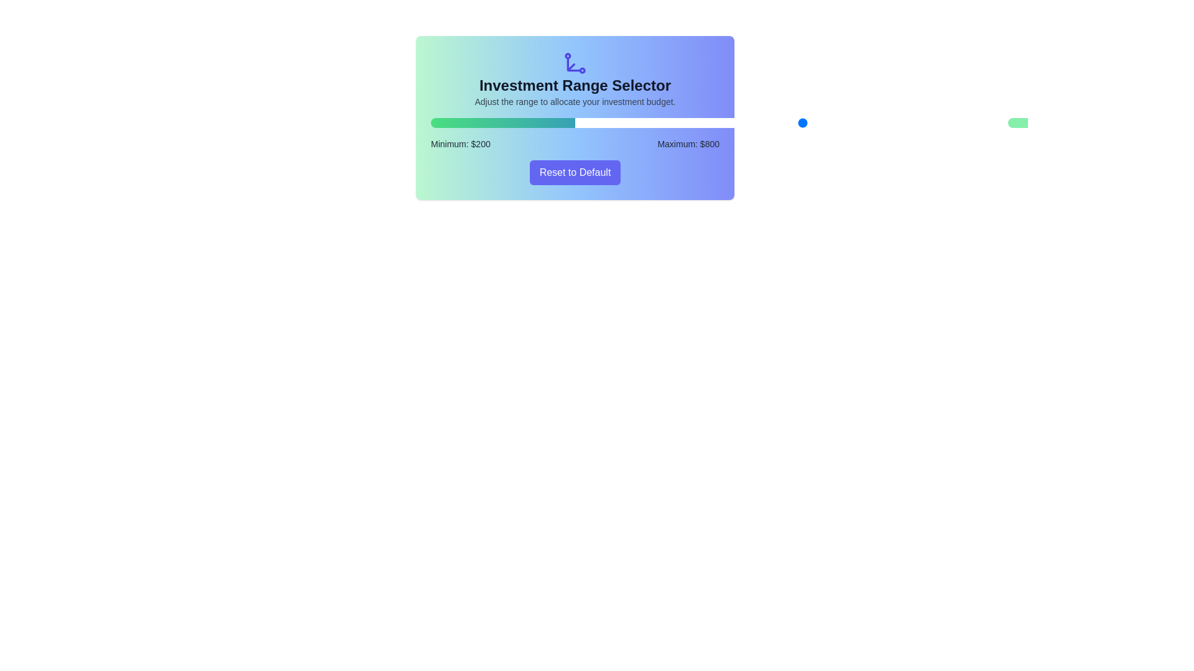 The height and width of the screenshot is (671, 1194). What do you see at coordinates (662, 122) in the screenshot?
I see `the minimum investment range slider to 302` at bounding box center [662, 122].